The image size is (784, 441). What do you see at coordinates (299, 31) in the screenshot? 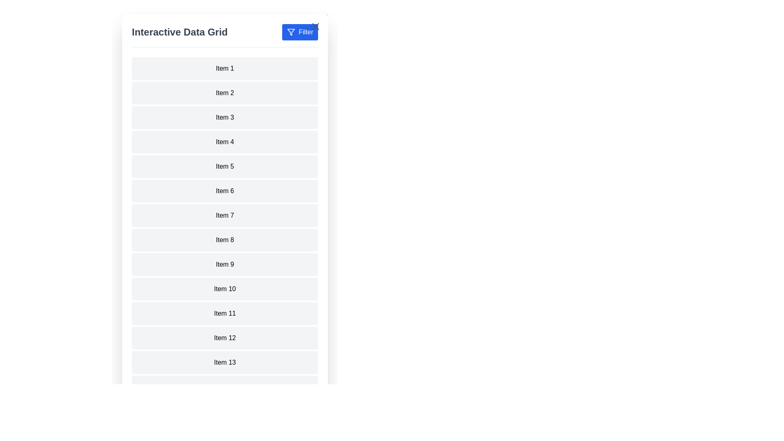
I see `the filter button to open the filter options` at bounding box center [299, 31].